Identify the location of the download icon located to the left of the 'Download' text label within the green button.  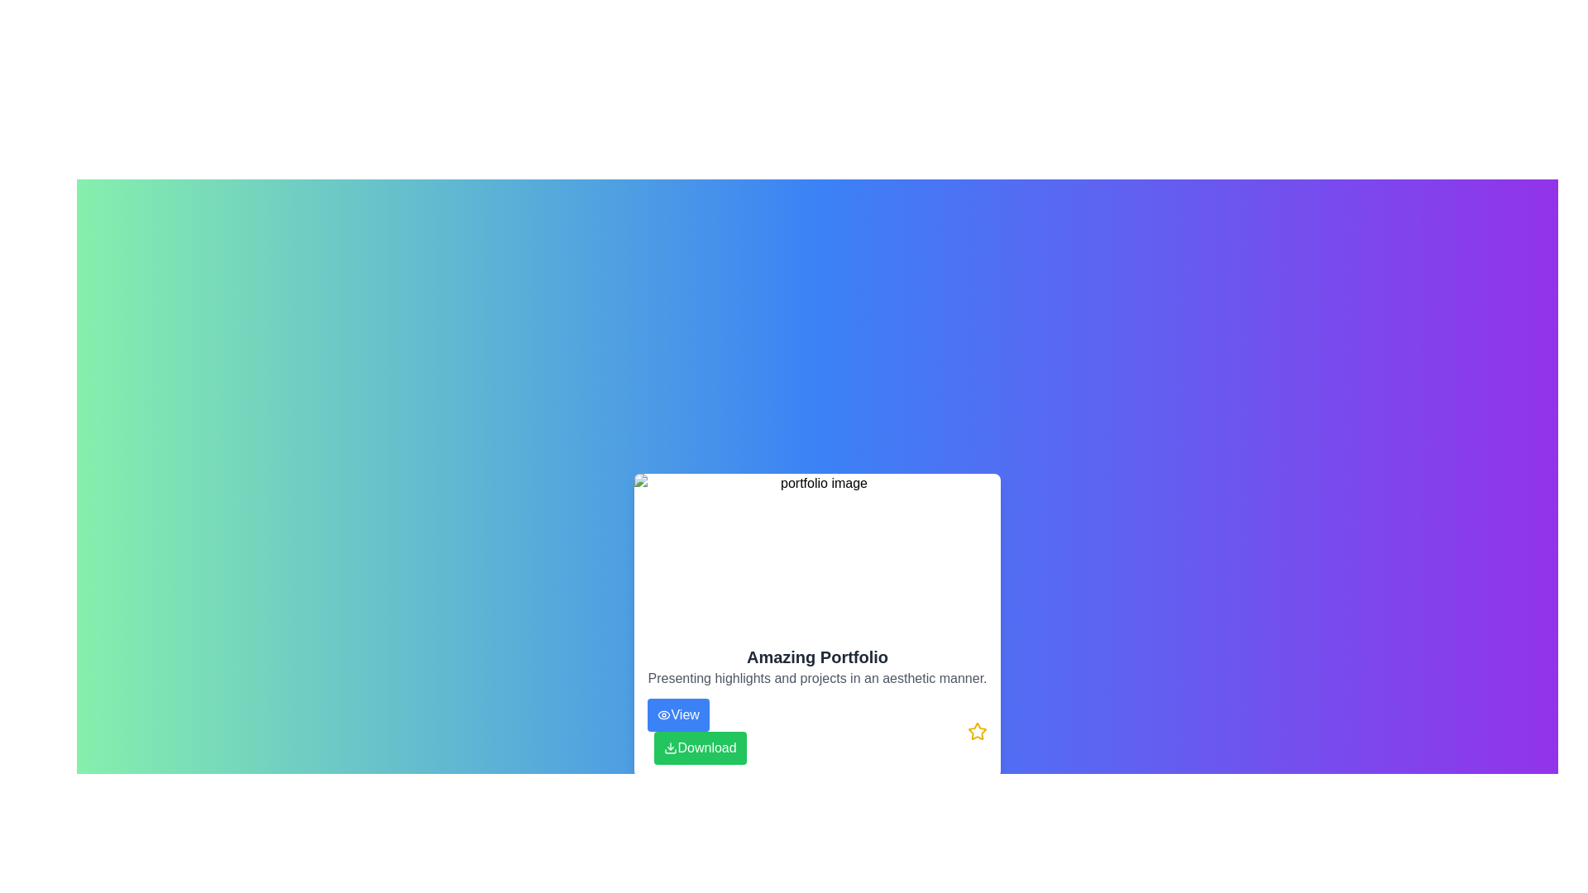
(671, 748).